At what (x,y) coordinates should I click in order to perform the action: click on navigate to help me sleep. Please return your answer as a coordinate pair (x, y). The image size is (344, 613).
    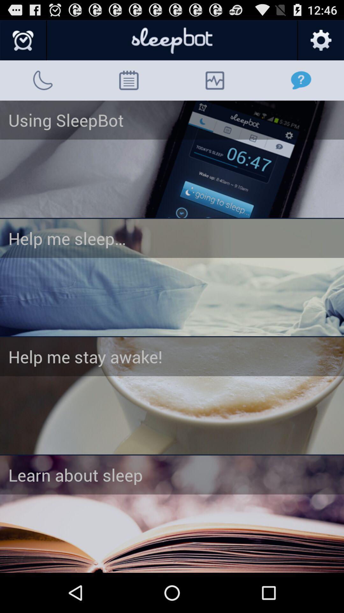
    Looking at the image, I should click on (172, 277).